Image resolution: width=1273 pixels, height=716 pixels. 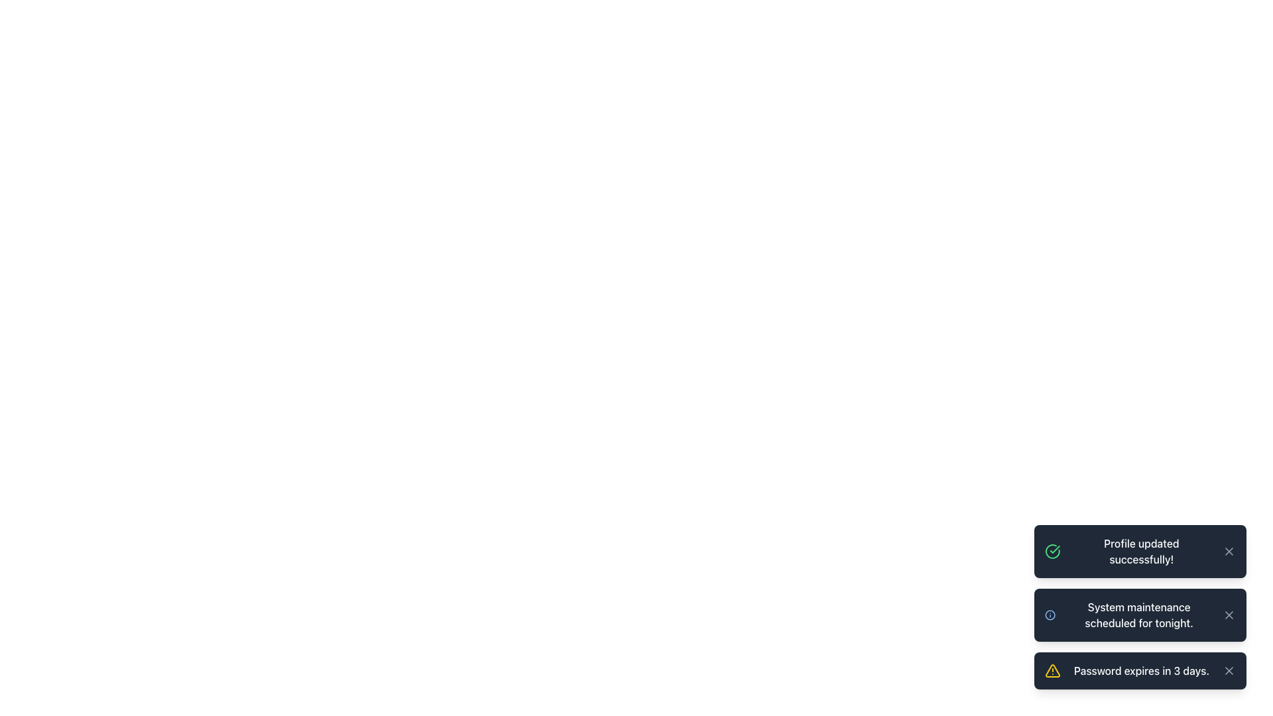 What do you see at coordinates (1050, 615) in the screenshot?
I see `the inner circle component of the left-hand icon in the second notification card, which represents an alert or information notification` at bounding box center [1050, 615].